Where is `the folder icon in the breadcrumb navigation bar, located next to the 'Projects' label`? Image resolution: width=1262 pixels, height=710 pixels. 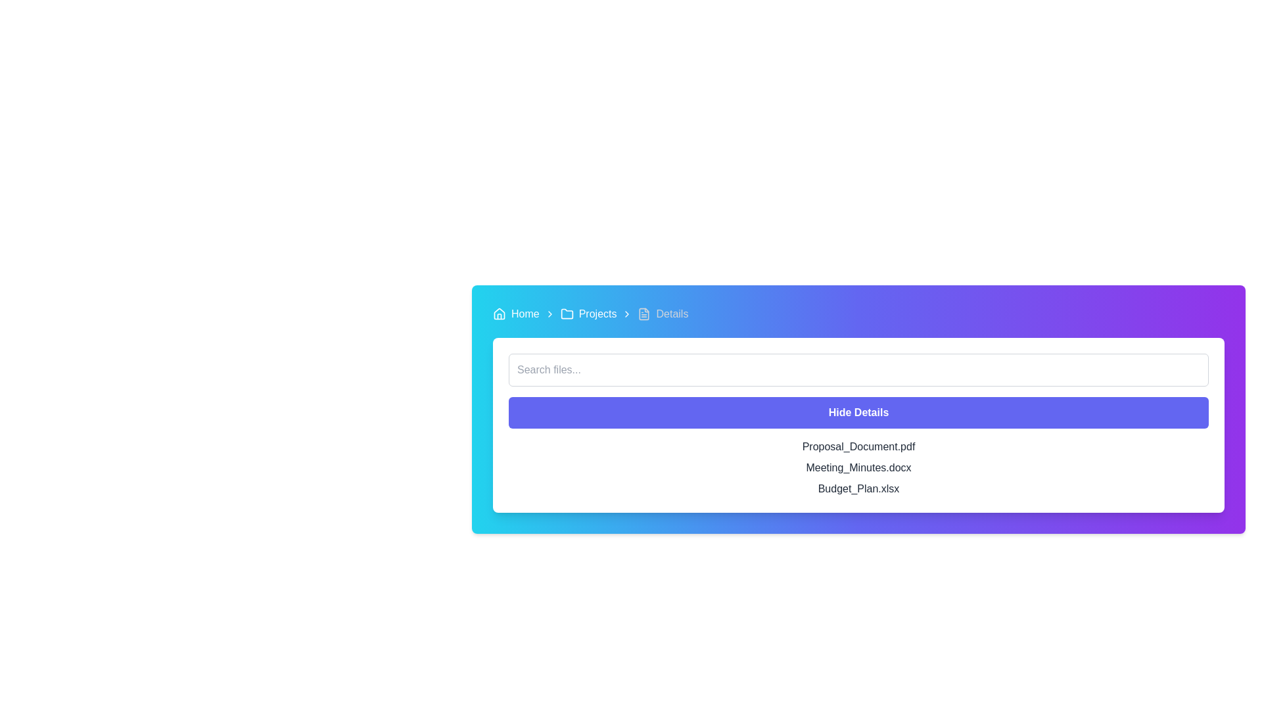 the folder icon in the breadcrumb navigation bar, located next to the 'Projects' label is located at coordinates (567, 314).